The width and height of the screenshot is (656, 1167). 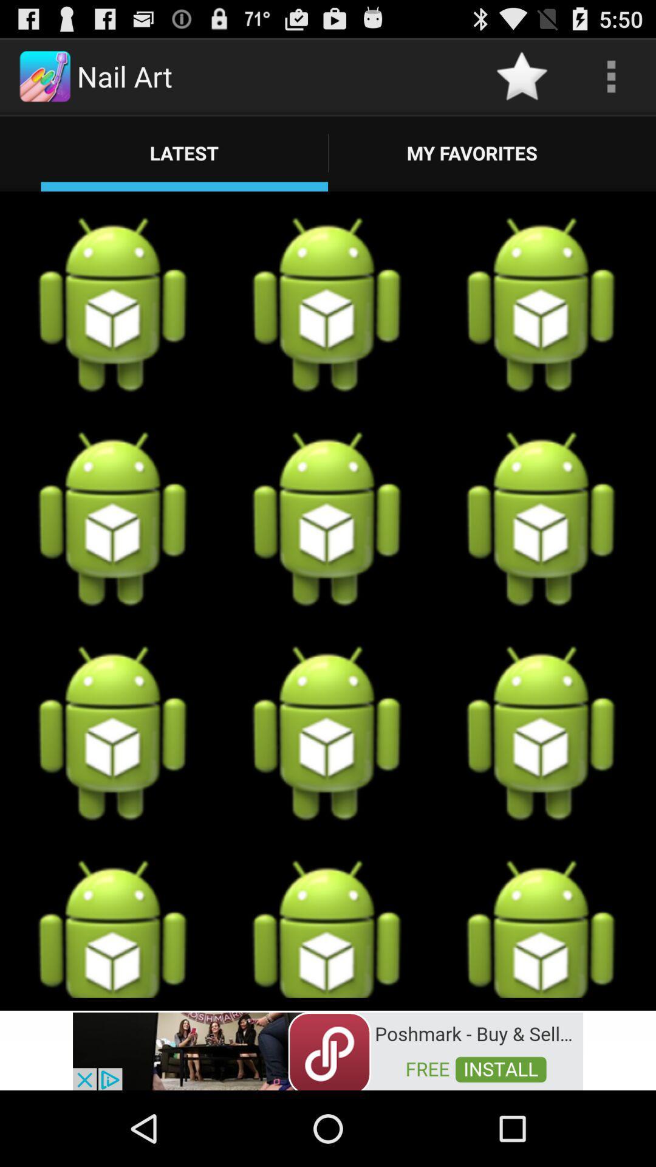 What do you see at coordinates (611, 75) in the screenshot?
I see `menu` at bounding box center [611, 75].